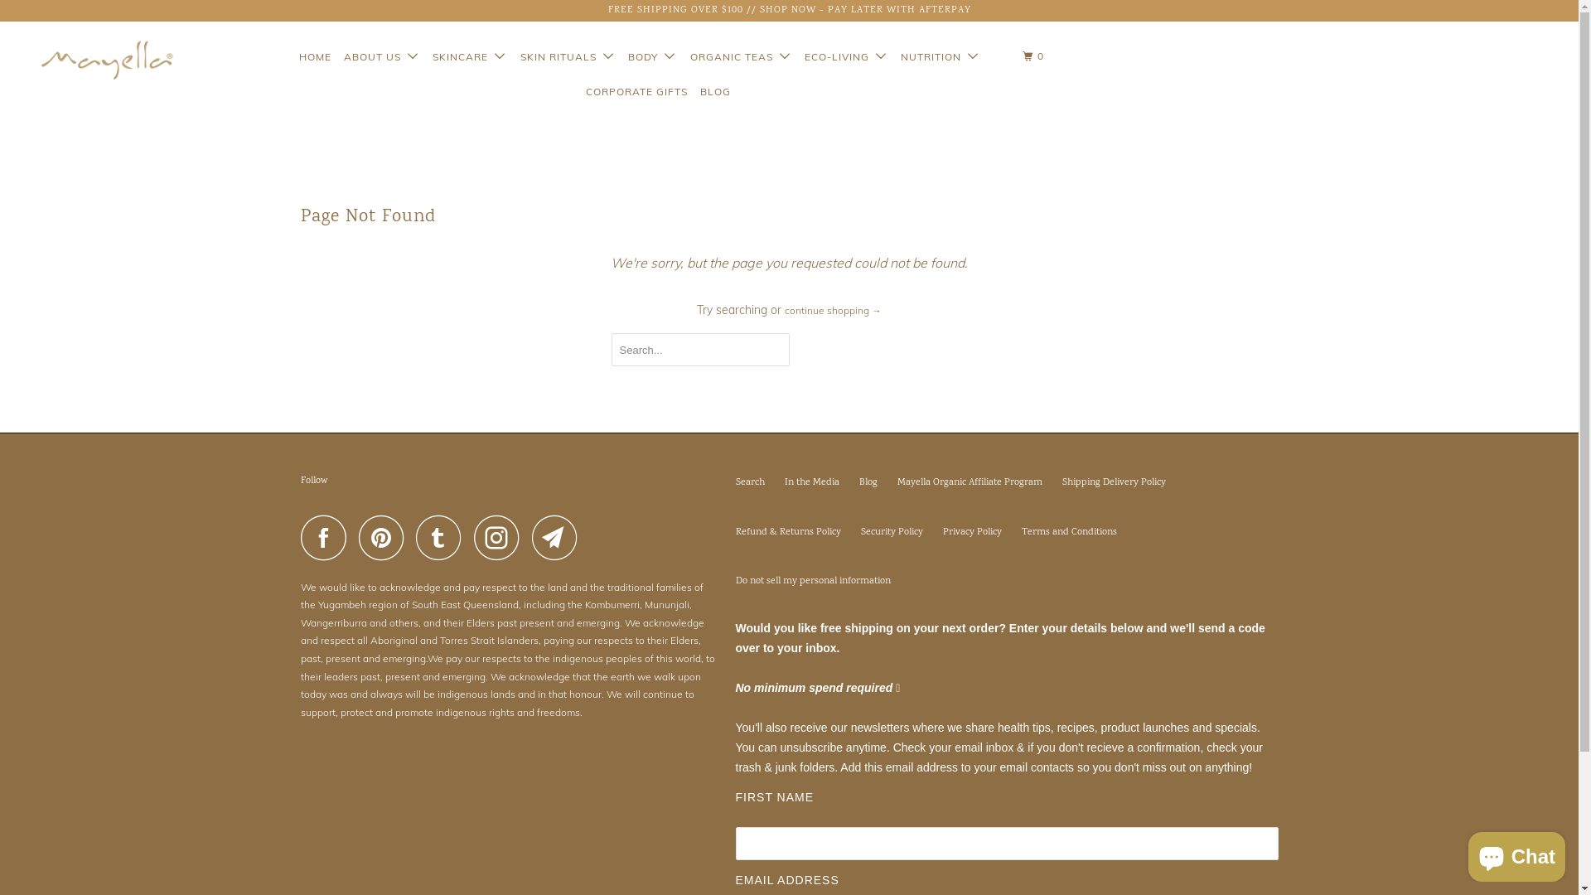  What do you see at coordinates (315, 56) in the screenshot?
I see `'HOME'` at bounding box center [315, 56].